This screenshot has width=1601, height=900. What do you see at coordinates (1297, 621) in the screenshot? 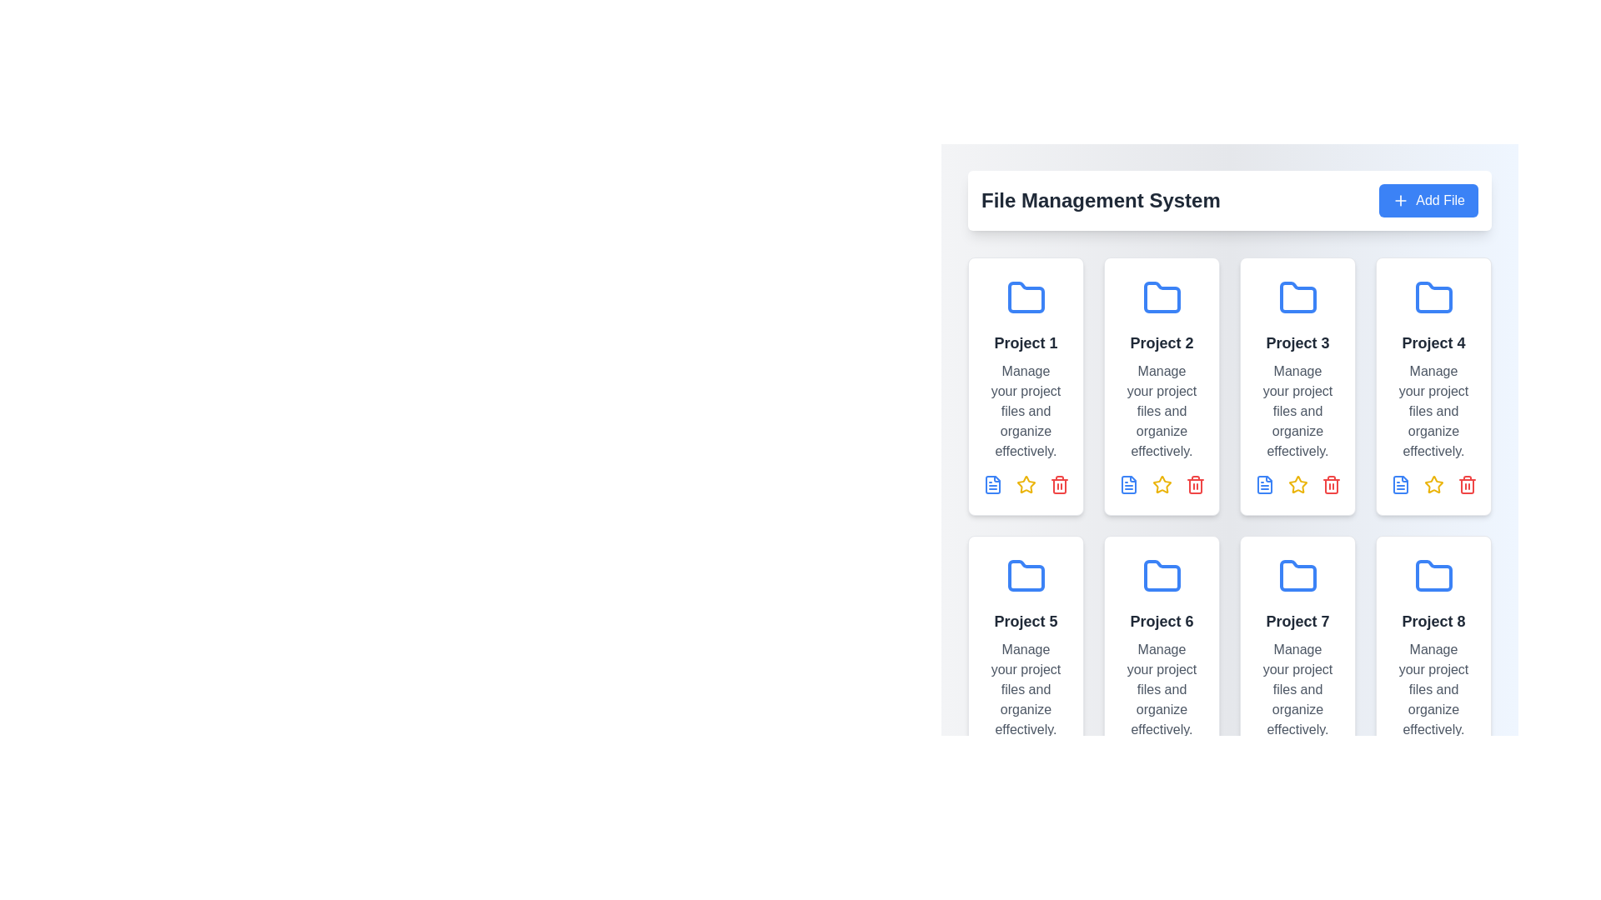
I see `text content of the Static Text Label that reads 'Project 7', which is styled in bold and located within the upper section of a card in the third column of the third row` at bounding box center [1297, 621].